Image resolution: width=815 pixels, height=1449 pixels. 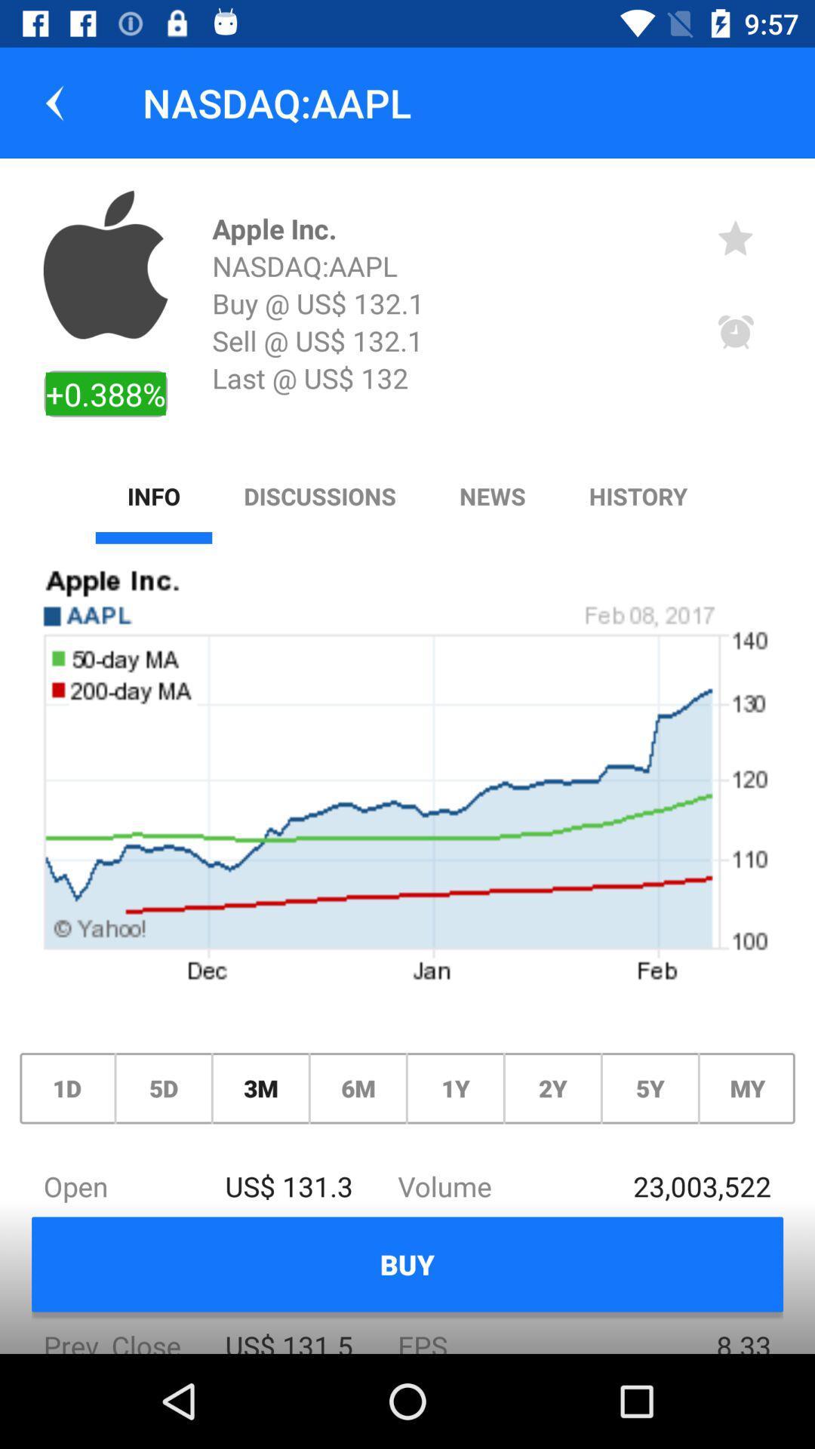 I want to click on the option next to news in menu bar, so click(x=638, y=496).